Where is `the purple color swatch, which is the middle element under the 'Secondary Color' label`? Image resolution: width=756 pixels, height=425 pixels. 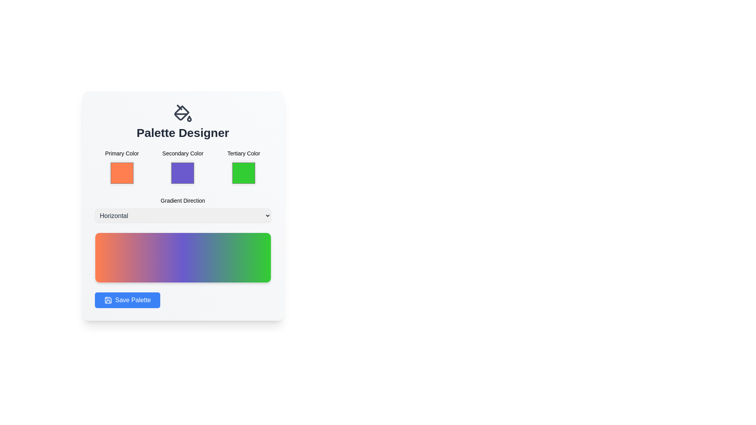
the purple color swatch, which is the middle element under the 'Secondary Color' label is located at coordinates (182, 172).